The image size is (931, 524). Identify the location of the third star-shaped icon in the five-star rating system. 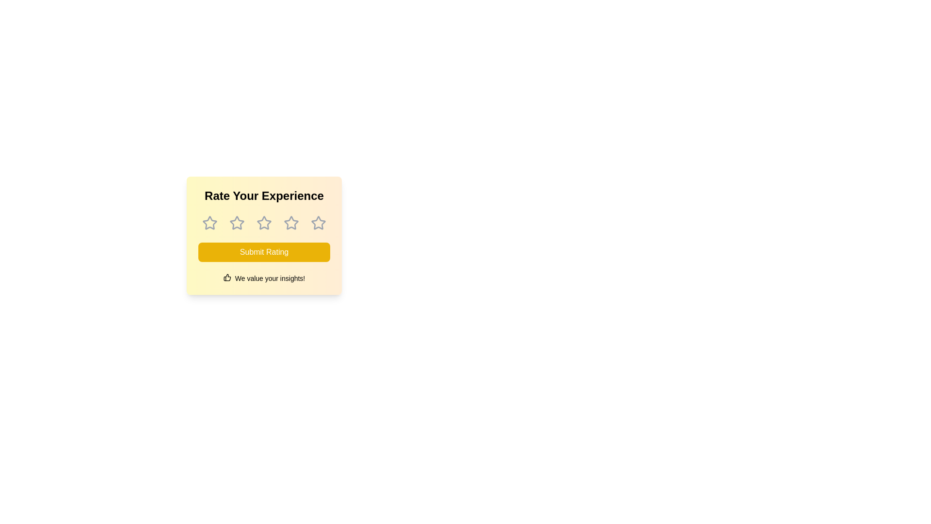
(264, 223).